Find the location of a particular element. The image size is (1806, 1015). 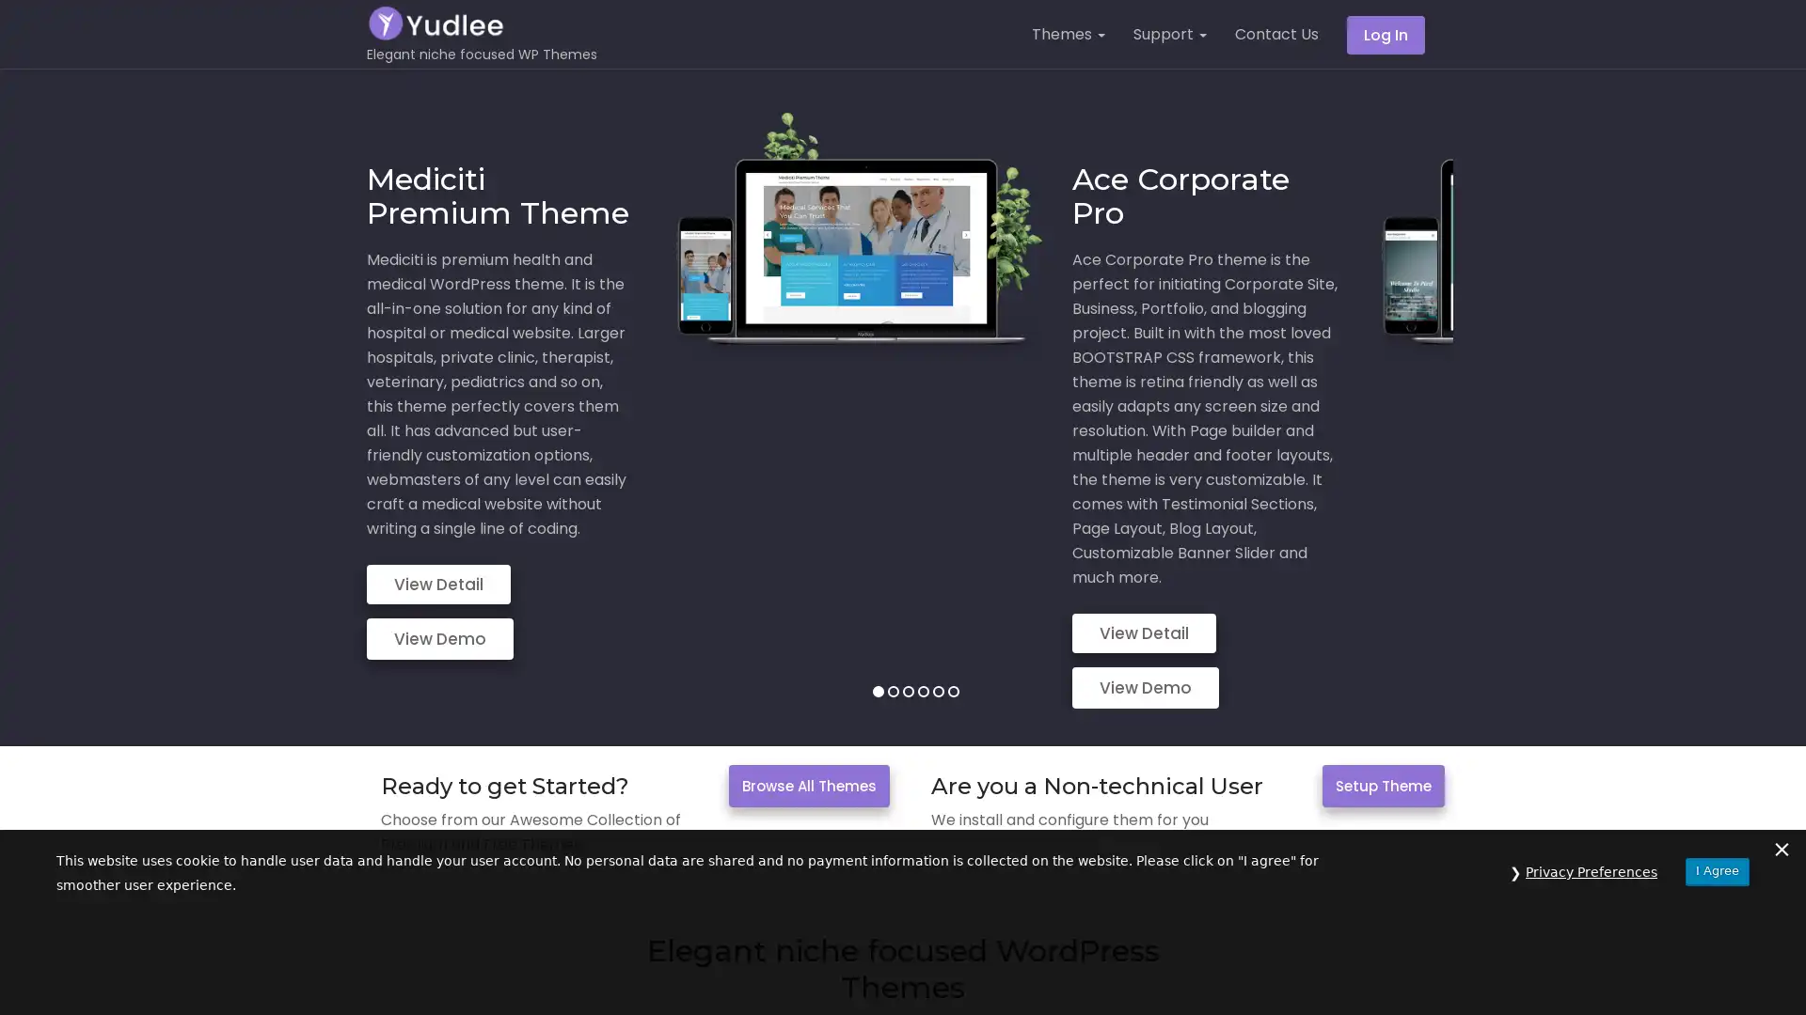

6 is located at coordinates (952, 559).